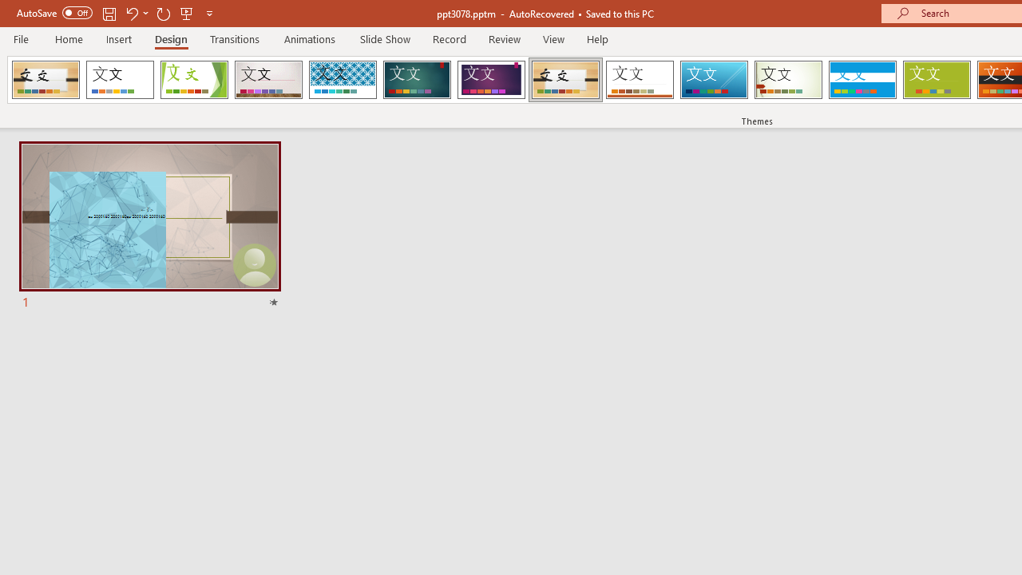  Describe the element at coordinates (862, 80) in the screenshot. I see `'Banded'` at that location.